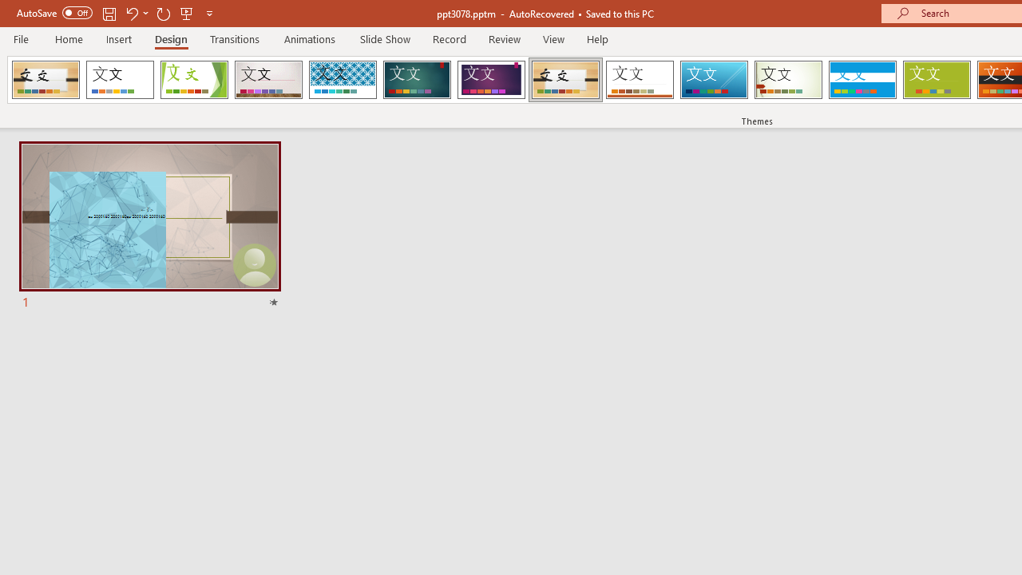  Describe the element at coordinates (862, 80) in the screenshot. I see `'Banded'` at that location.